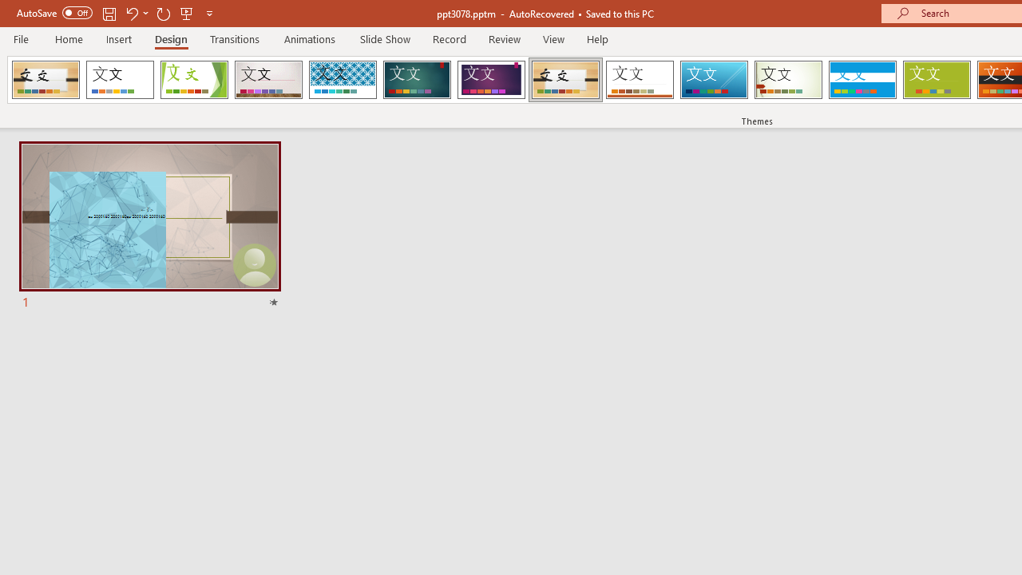  Describe the element at coordinates (862, 80) in the screenshot. I see `'Banded'` at that location.